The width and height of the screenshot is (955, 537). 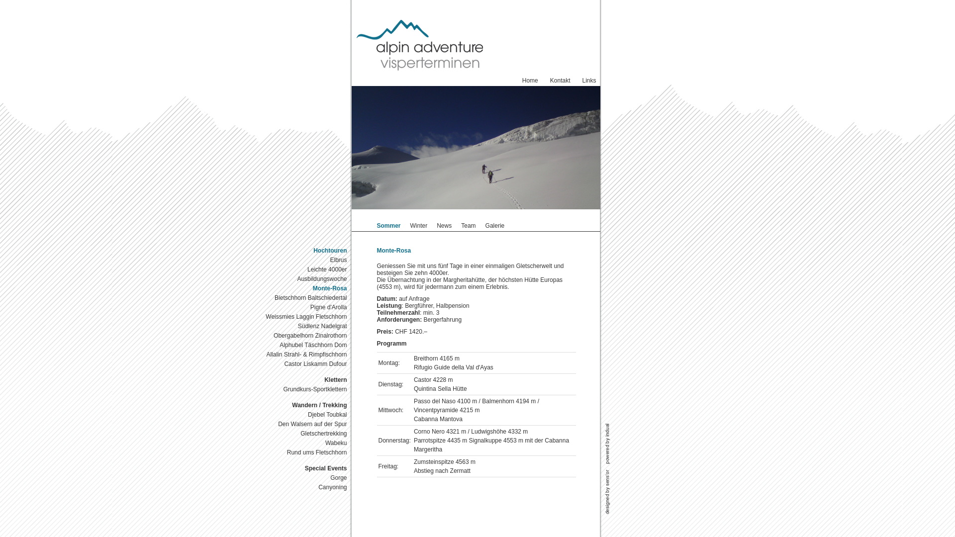 I want to click on 'Elbrus', so click(x=303, y=260).